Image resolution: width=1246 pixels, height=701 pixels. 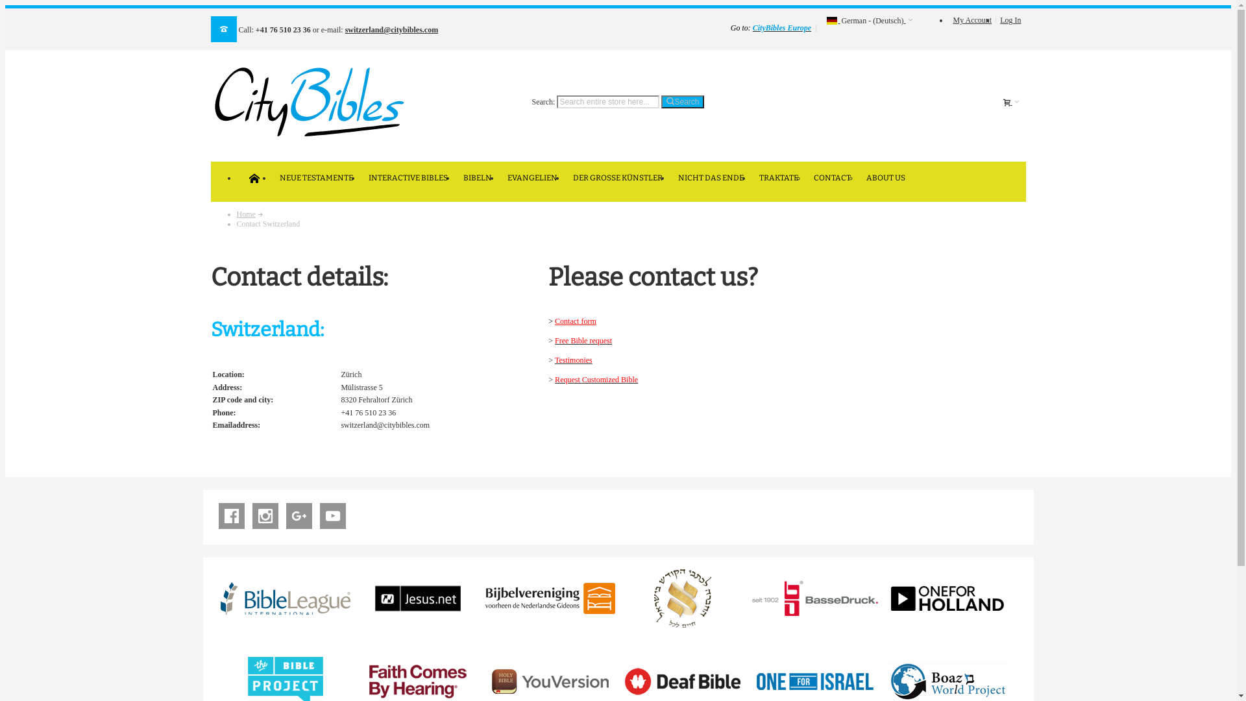 What do you see at coordinates (345, 29) in the screenshot?
I see `'switzerland@citybibles.com'` at bounding box center [345, 29].